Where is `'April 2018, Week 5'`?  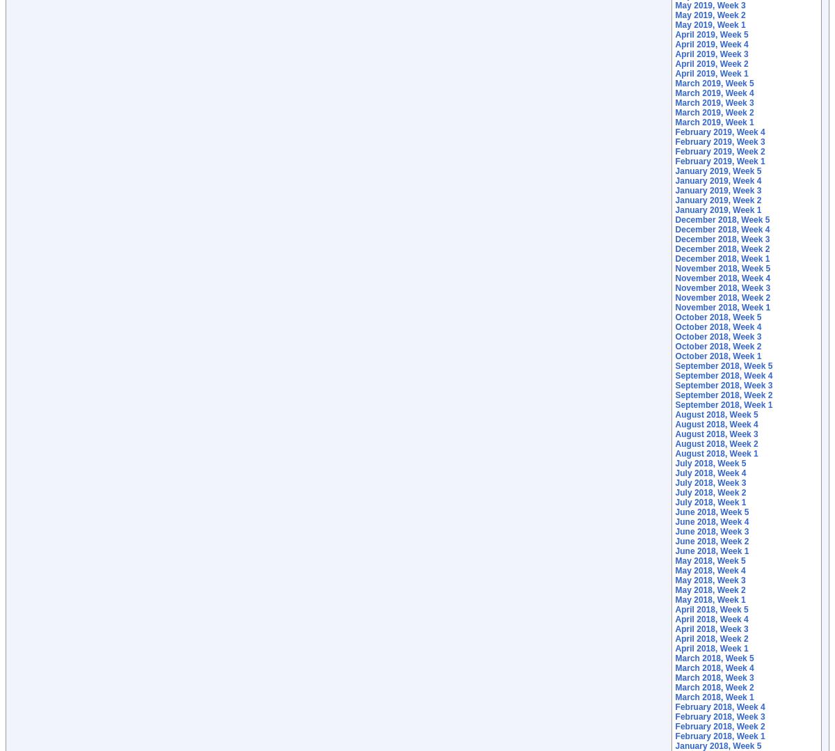
'April 2018, Week 5' is located at coordinates (711, 609).